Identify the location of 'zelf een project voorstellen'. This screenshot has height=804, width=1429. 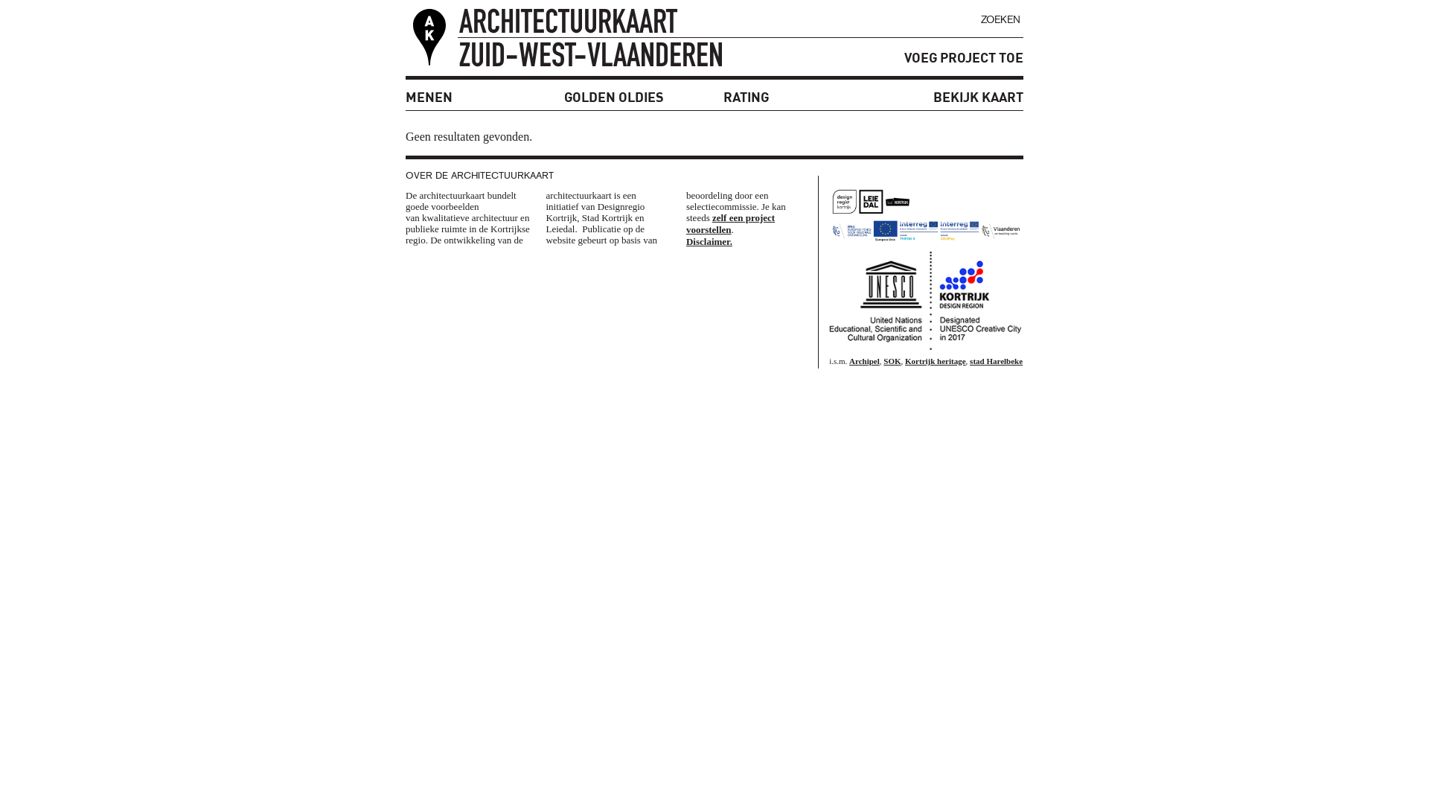
(730, 223).